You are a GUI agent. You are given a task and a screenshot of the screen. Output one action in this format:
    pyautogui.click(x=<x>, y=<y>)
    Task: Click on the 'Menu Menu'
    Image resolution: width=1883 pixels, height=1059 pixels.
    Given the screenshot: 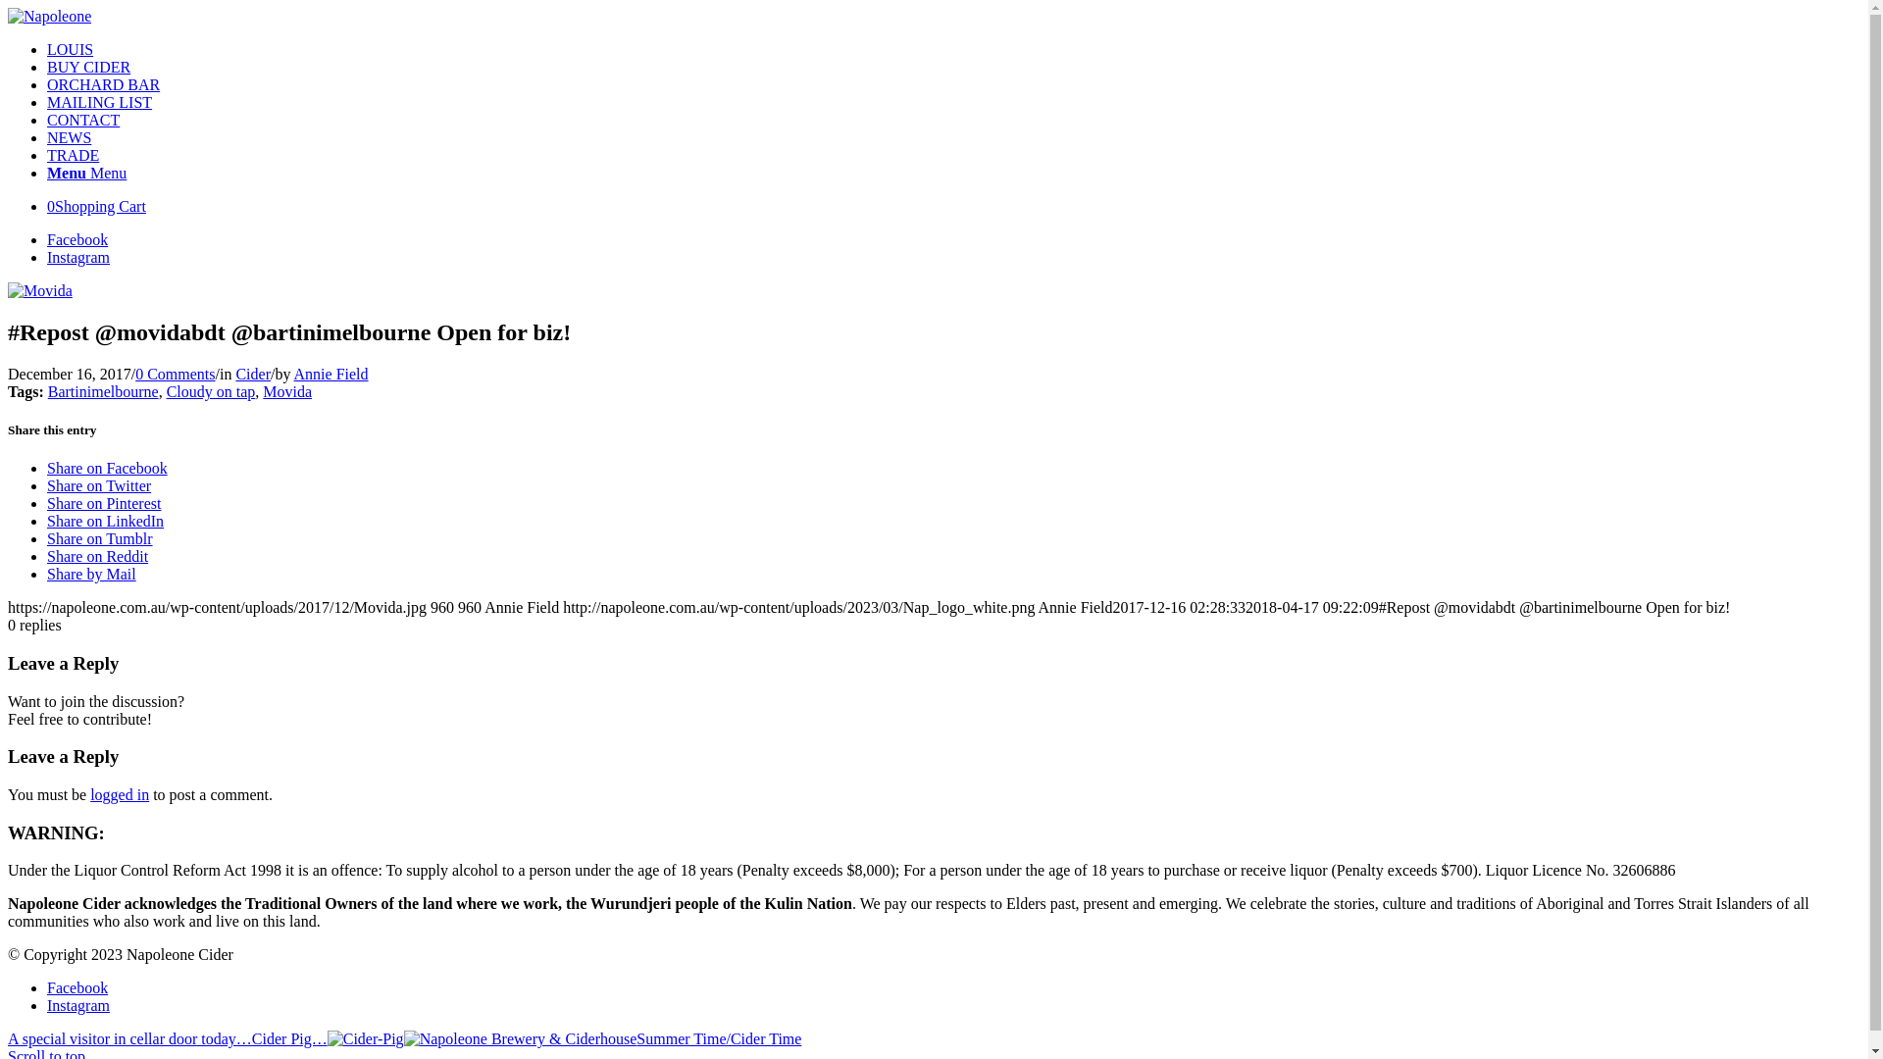 What is the action you would take?
    pyautogui.click(x=47, y=172)
    